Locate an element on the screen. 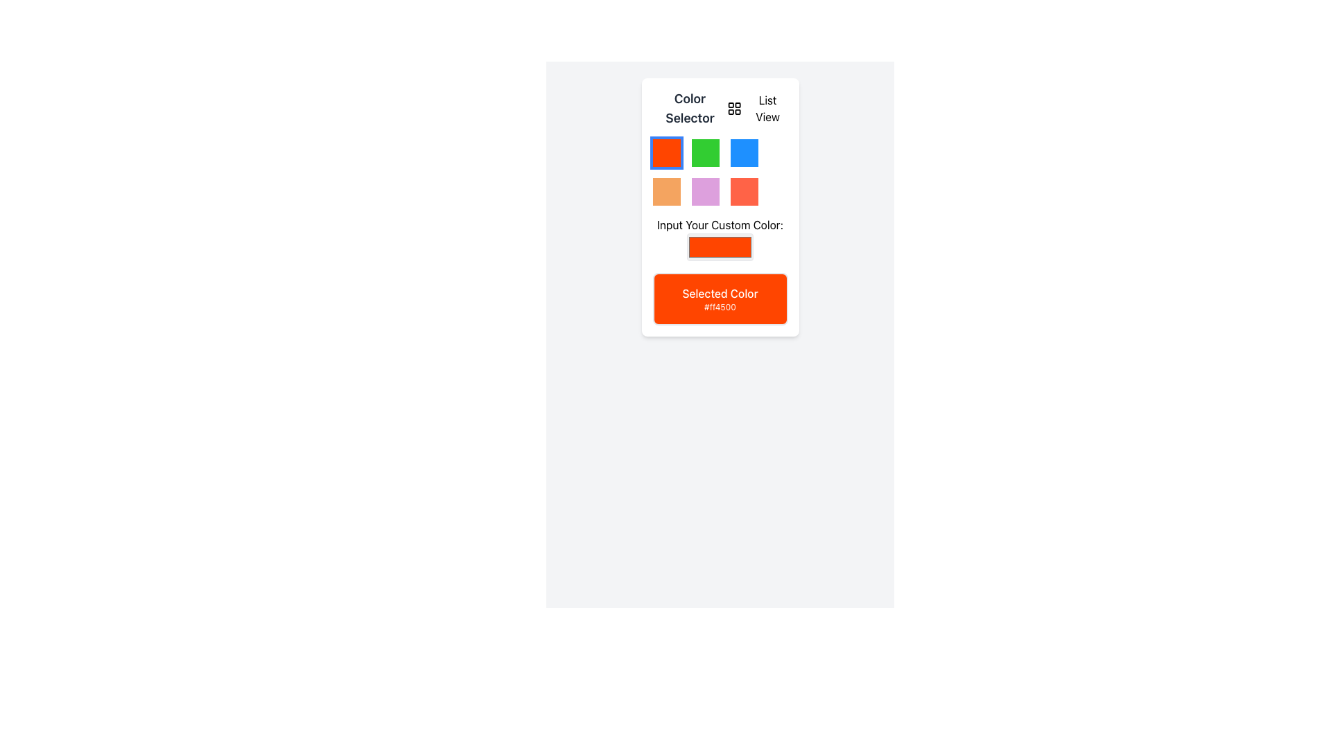 The height and width of the screenshot is (748, 1331). color and hexadecimal code information from the informational display element located at the bottom of the color selection interface, just below the custom color input area is located at coordinates (720, 299).